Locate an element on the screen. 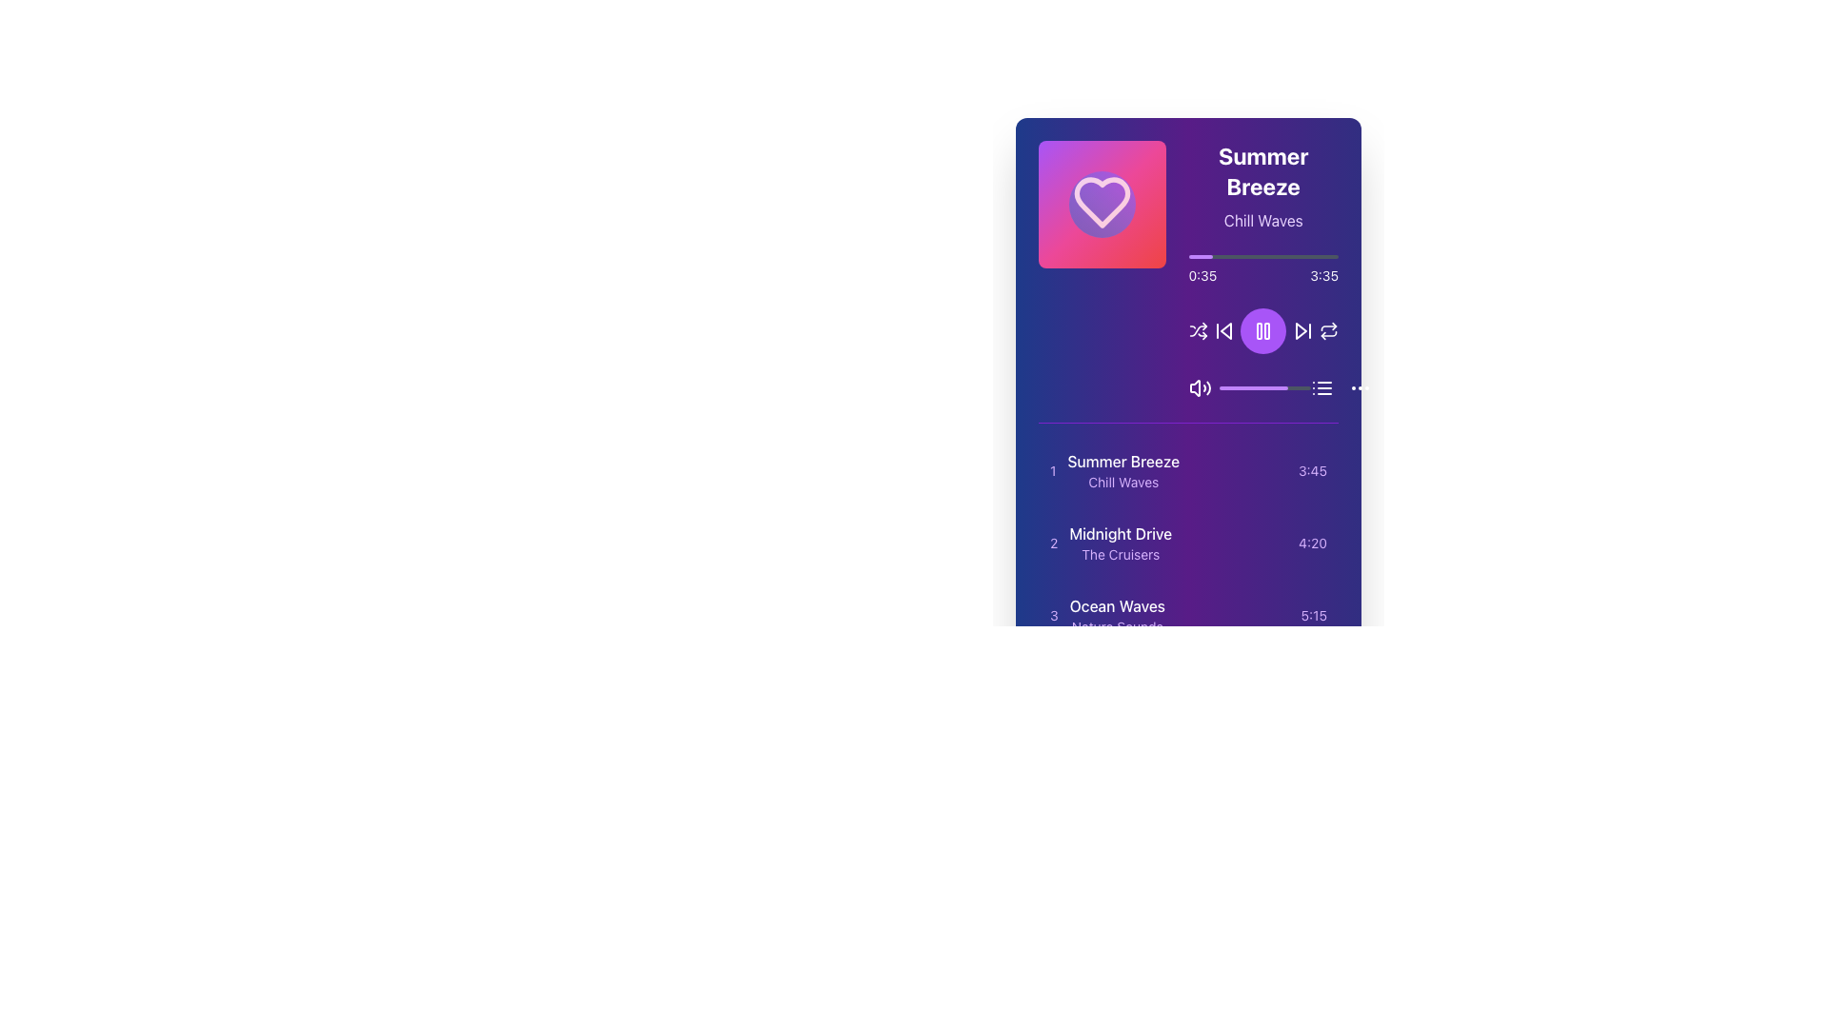  the left-facing audio volume indicator symbol located in the volume adjustment panel, which is part of the playback controls area just below the main play and shuffle buttons is located at coordinates (1193, 387).